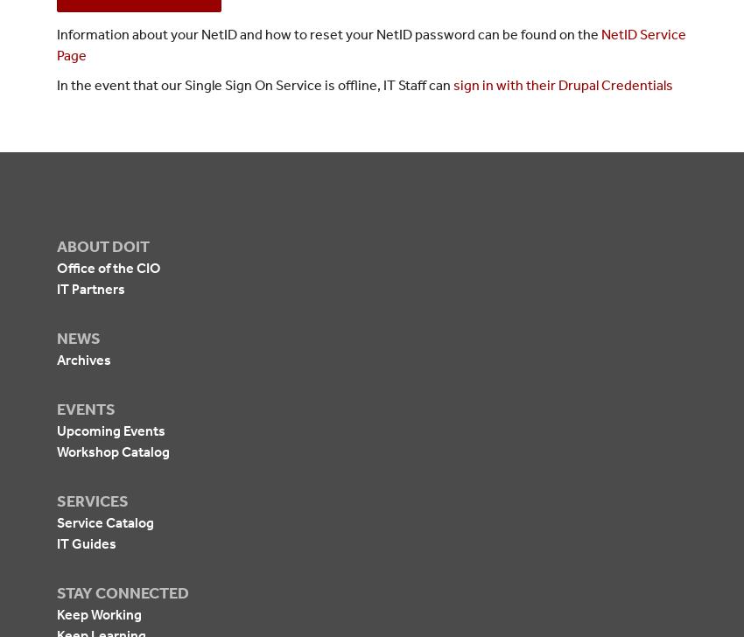 The height and width of the screenshot is (637, 744). What do you see at coordinates (328, 34) in the screenshot?
I see `'Information about your NetID and how to reset your NetID password can be found on the'` at bounding box center [328, 34].